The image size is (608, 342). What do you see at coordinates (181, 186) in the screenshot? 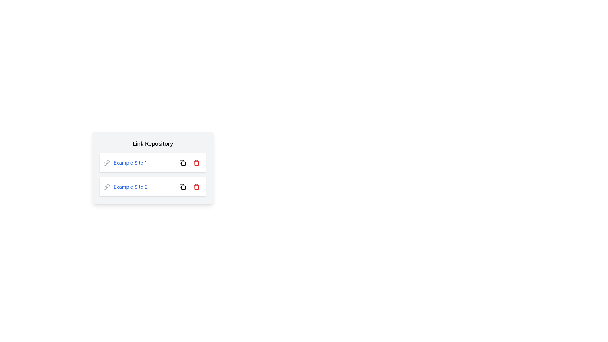
I see `the Icon button located on the right-hand side of the 'Example Site 2' label to initiate the copy action` at bounding box center [181, 186].